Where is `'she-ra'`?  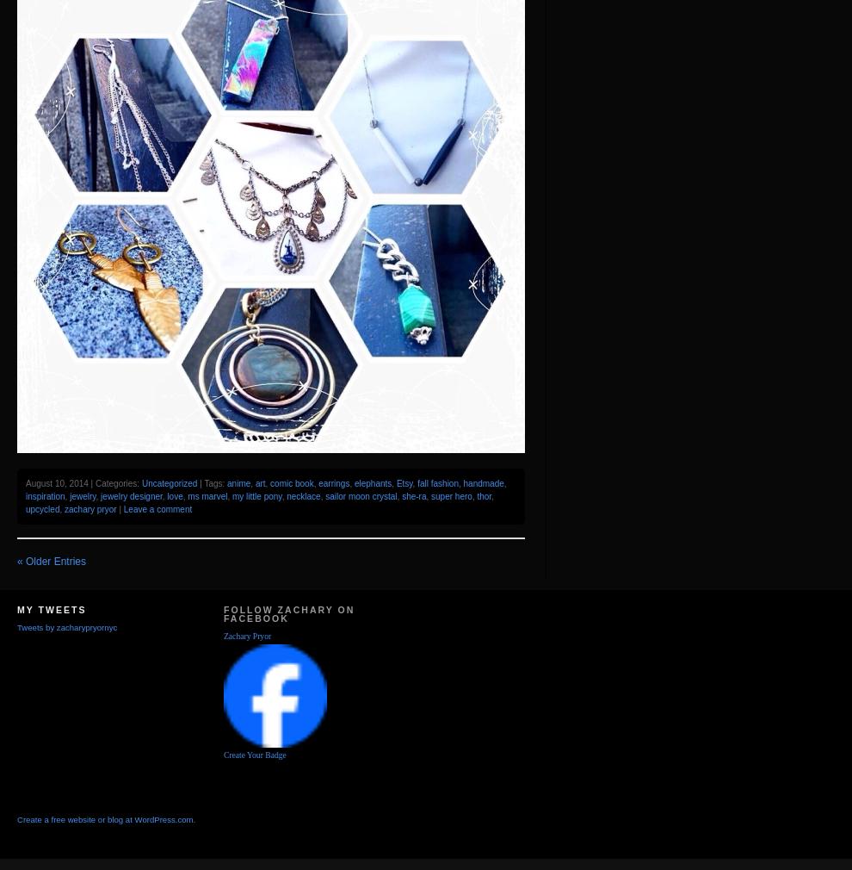
'she-ra' is located at coordinates (414, 495).